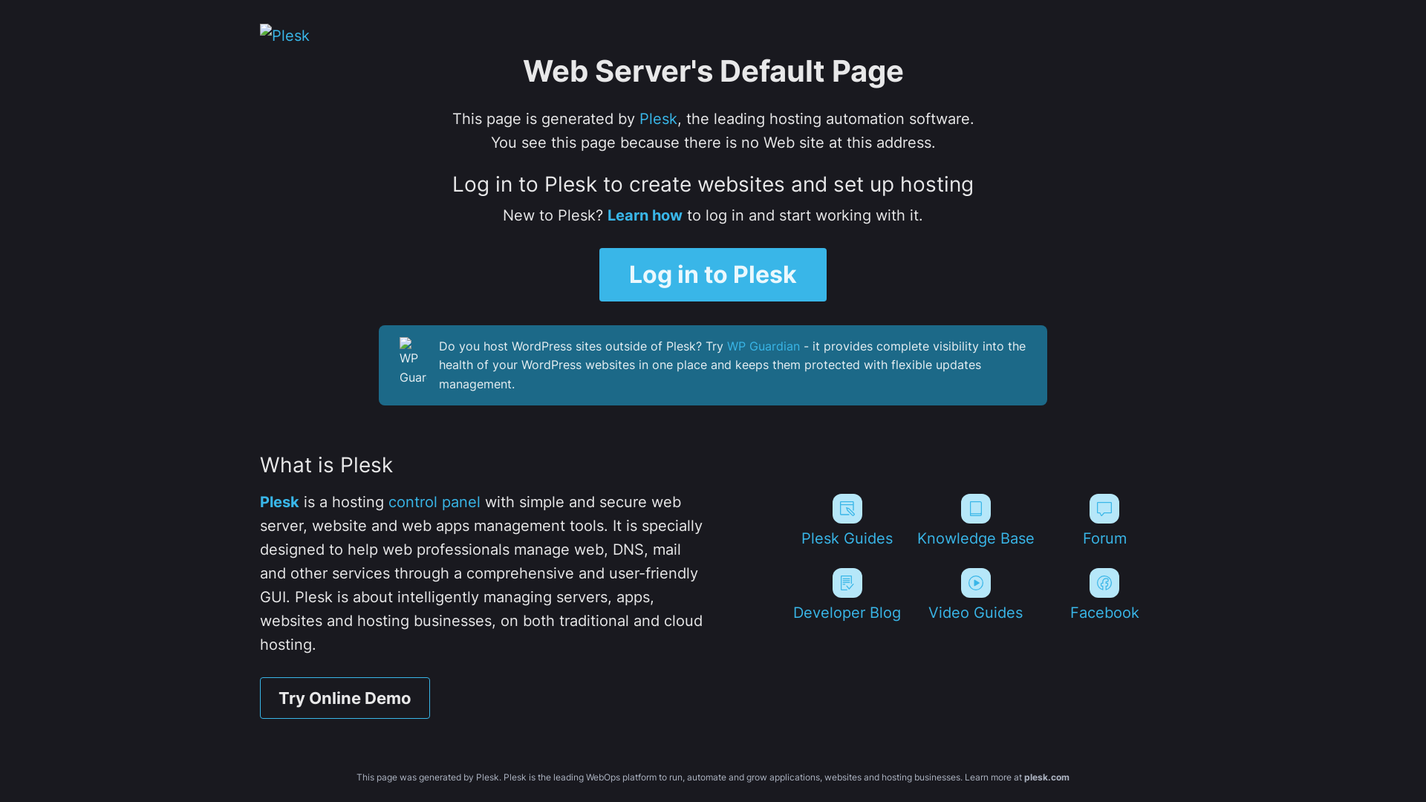 The image size is (1426, 802). Describe the element at coordinates (388, 501) in the screenshot. I see `'control panel'` at that location.